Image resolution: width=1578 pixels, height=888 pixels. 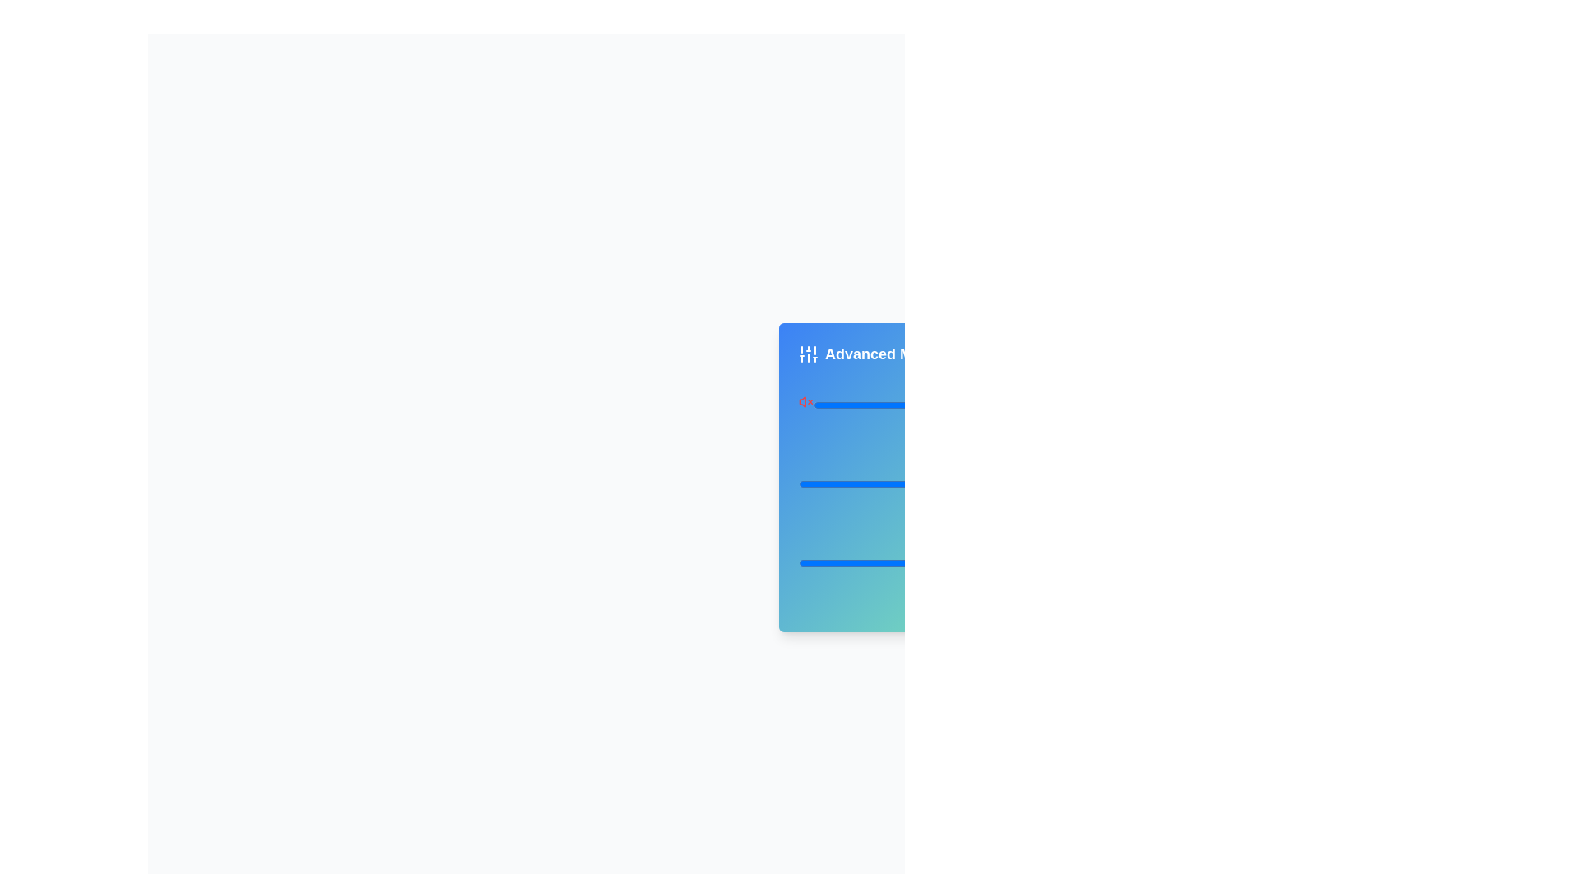 I want to click on the balance value, so click(x=911, y=483).